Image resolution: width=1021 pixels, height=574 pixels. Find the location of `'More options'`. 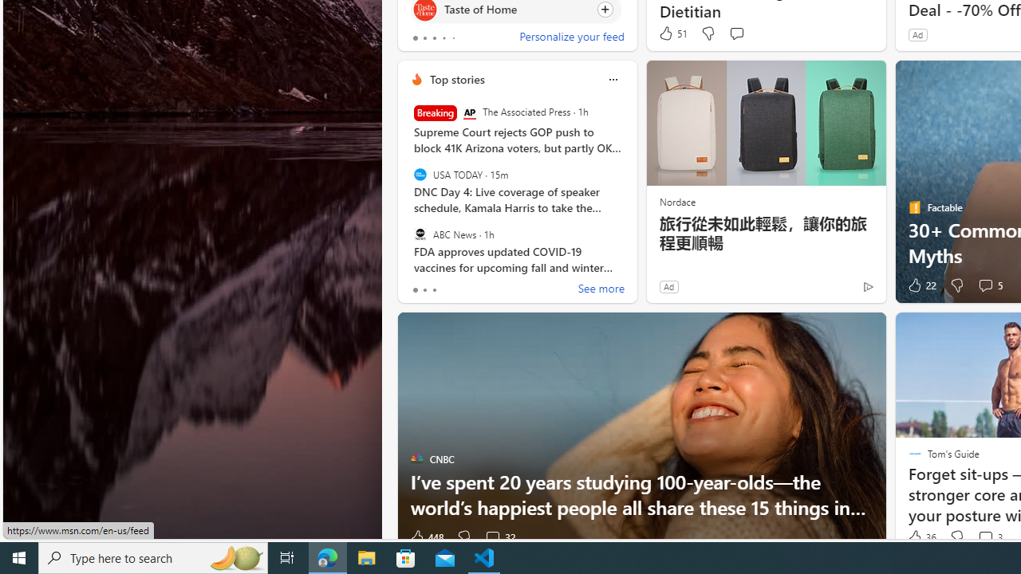

'More options' is located at coordinates (612, 79).